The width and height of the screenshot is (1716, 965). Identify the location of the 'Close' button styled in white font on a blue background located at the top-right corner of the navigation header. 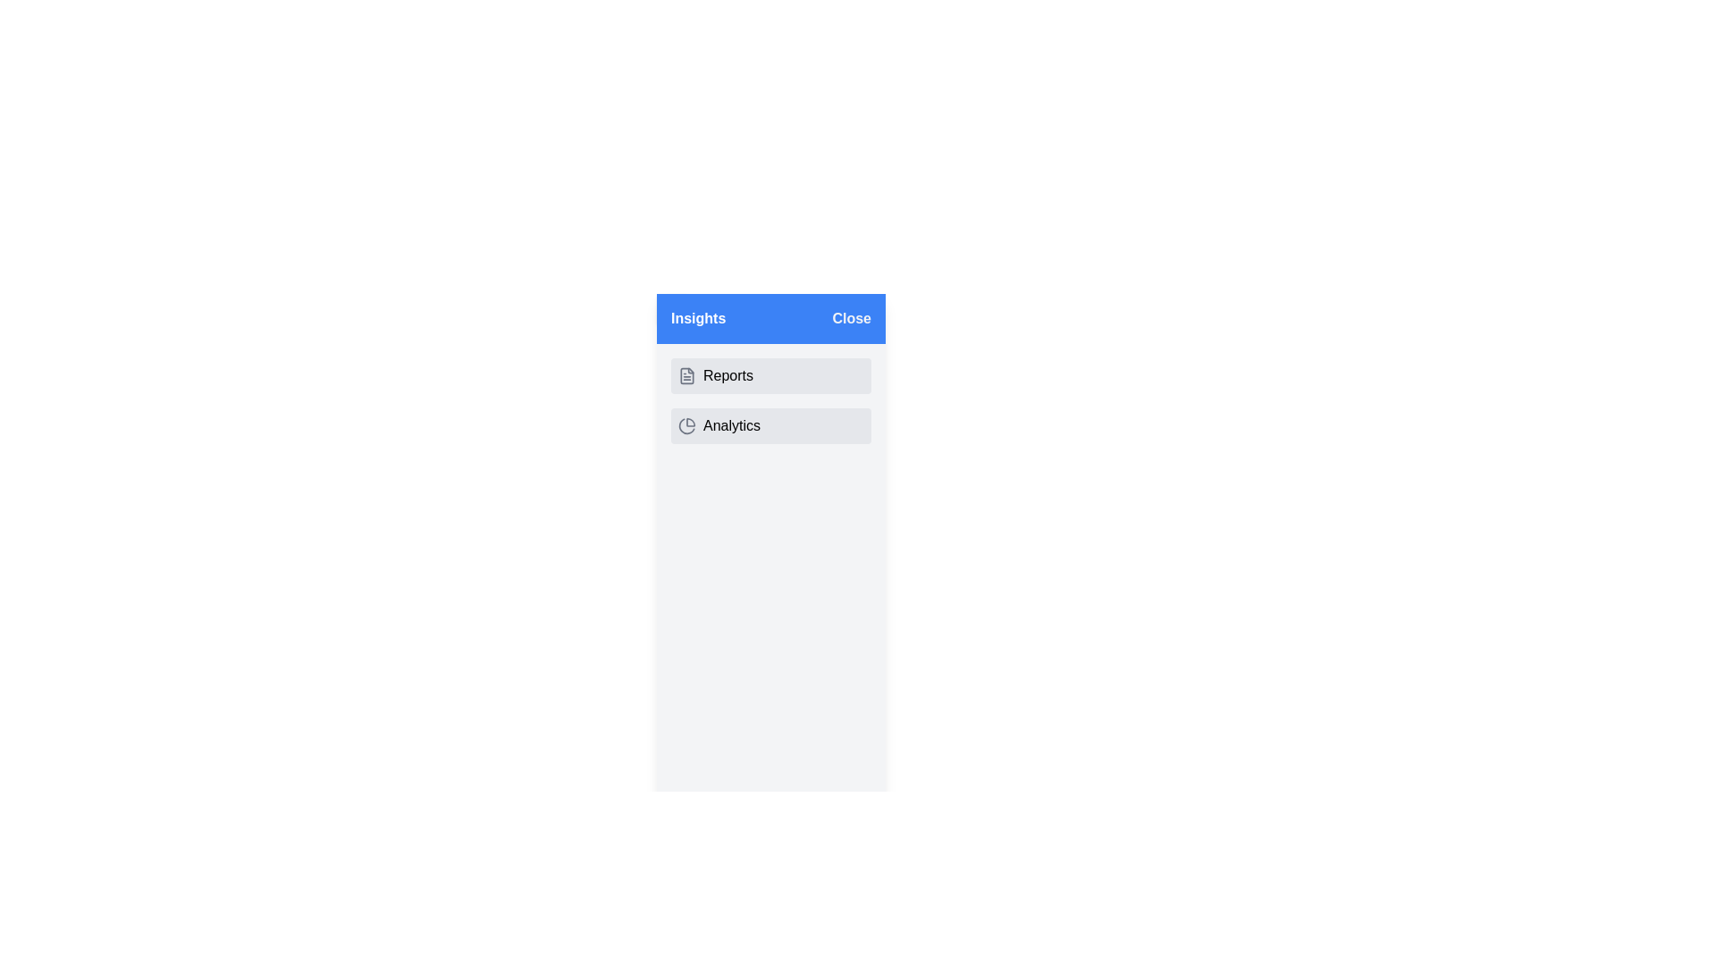
(851, 318).